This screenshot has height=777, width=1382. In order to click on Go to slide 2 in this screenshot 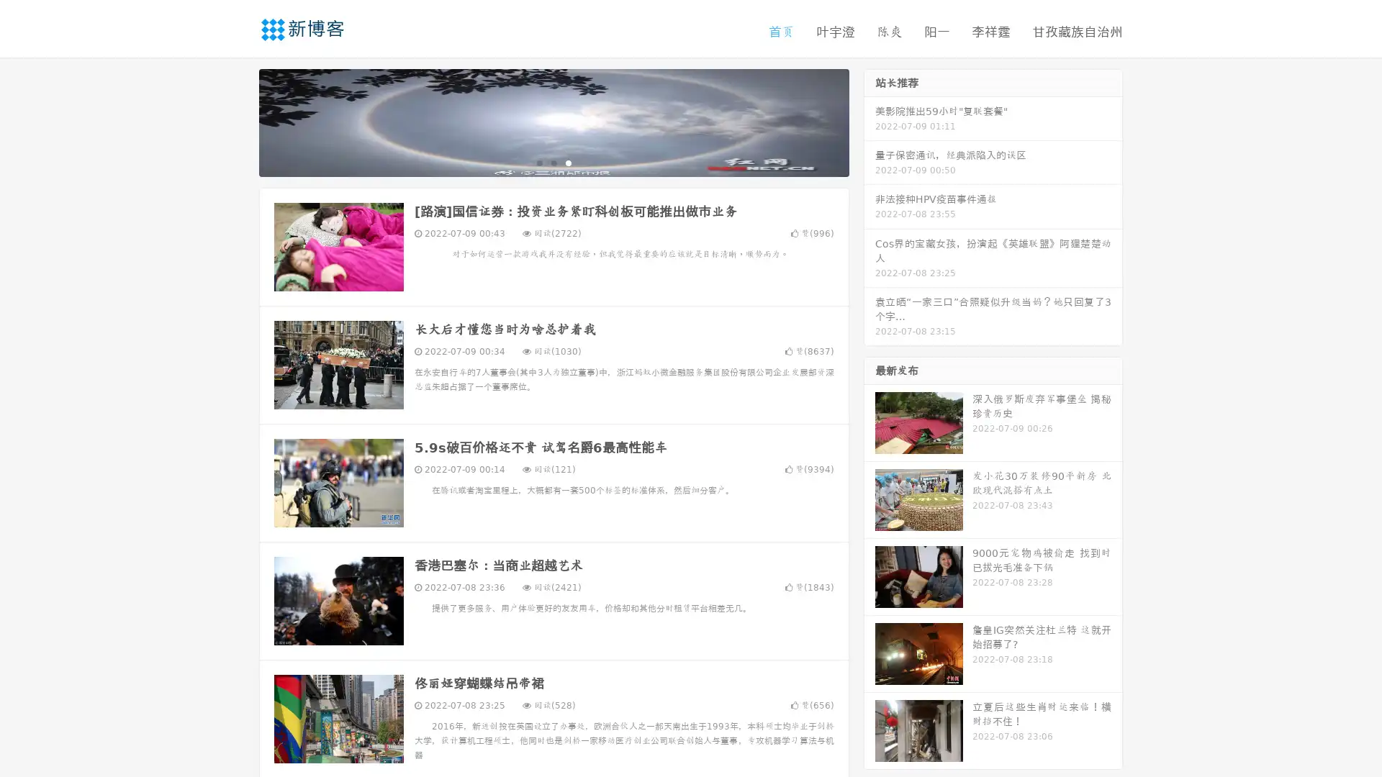, I will do `click(553, 162)`.